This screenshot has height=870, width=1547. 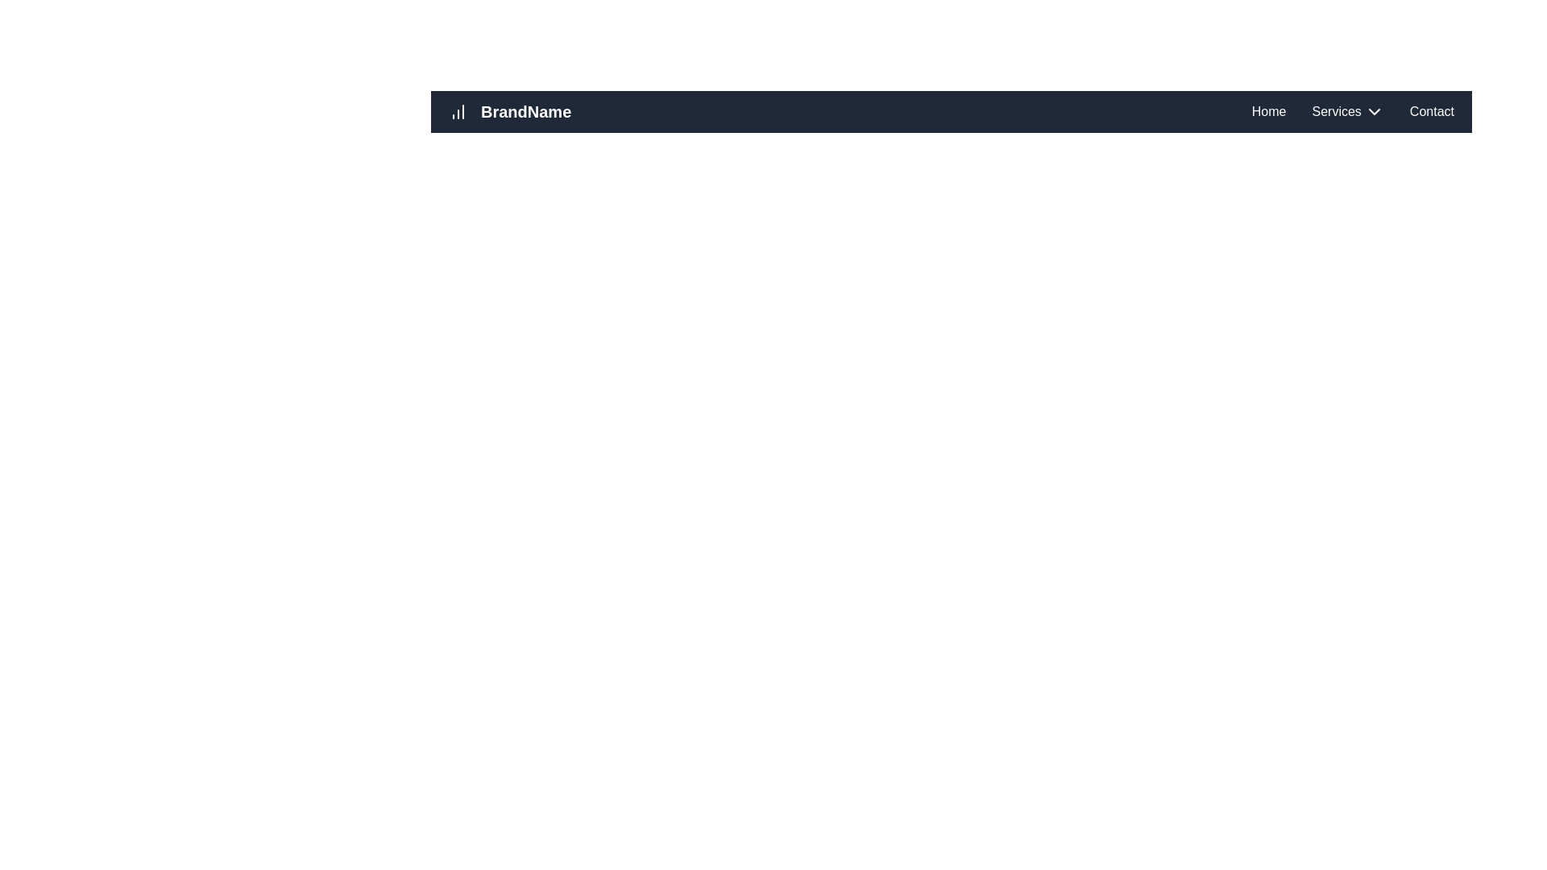 I want to click on the 'Services' dropdown menu trigger located in the navigation bar, which is the second item between 'Home' and 'Contact', so click(x=1348, y=110).